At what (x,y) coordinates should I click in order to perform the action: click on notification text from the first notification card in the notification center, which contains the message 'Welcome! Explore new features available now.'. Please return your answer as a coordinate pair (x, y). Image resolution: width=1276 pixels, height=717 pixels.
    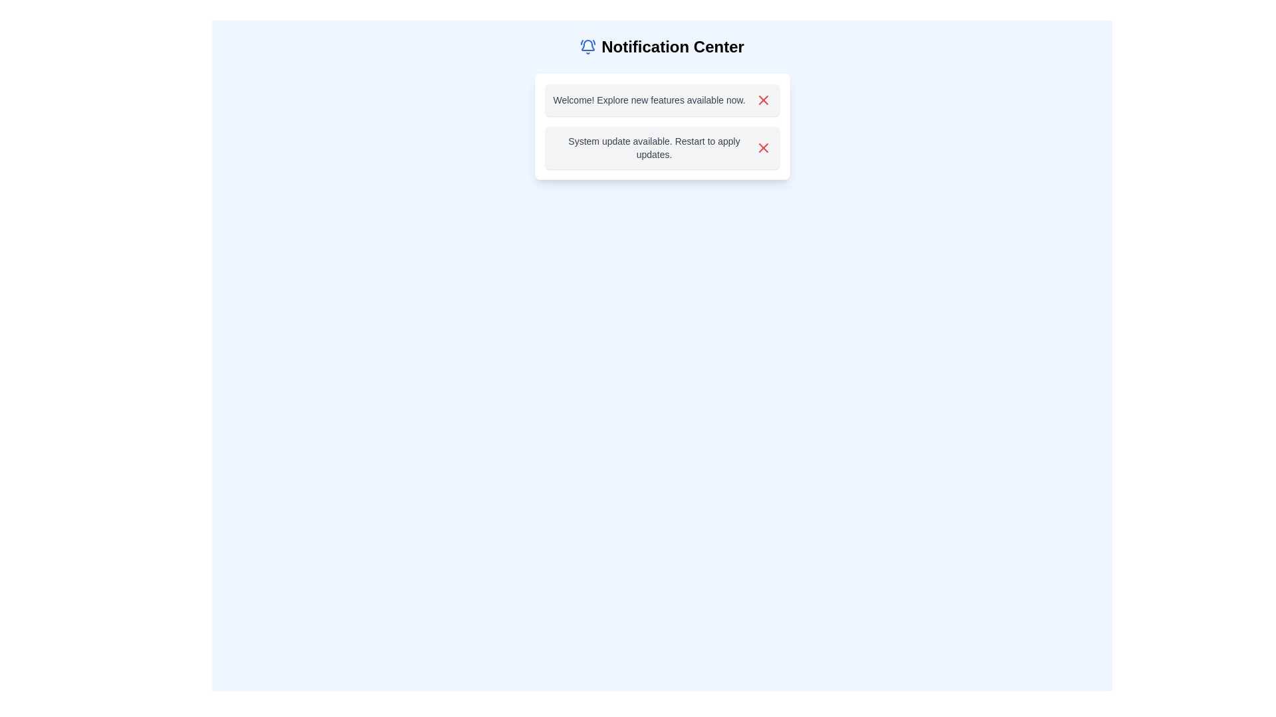
    Looking at the image, I should click on (662, 99).